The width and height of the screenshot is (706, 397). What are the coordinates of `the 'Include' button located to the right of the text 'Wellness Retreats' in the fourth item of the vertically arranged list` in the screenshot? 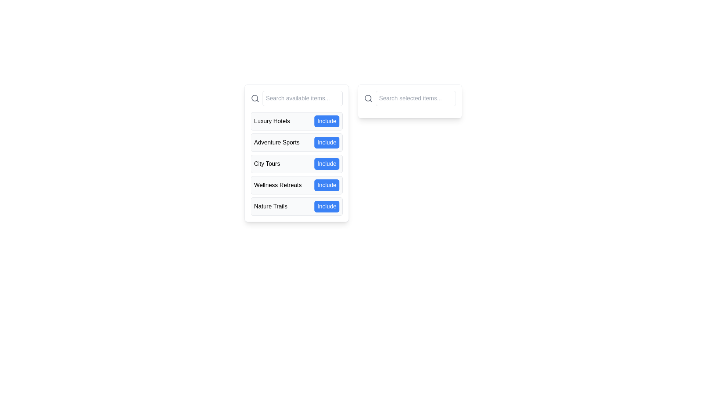 It's located at (326, 185).